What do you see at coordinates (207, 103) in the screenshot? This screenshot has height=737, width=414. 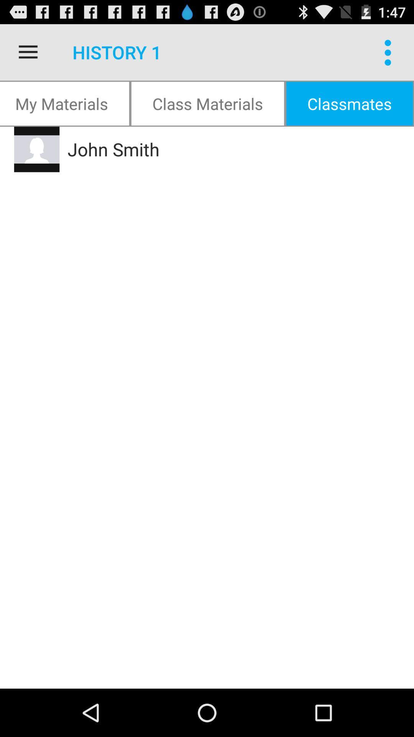 I see `item below history 1 item` at bounding box center [207, 103].